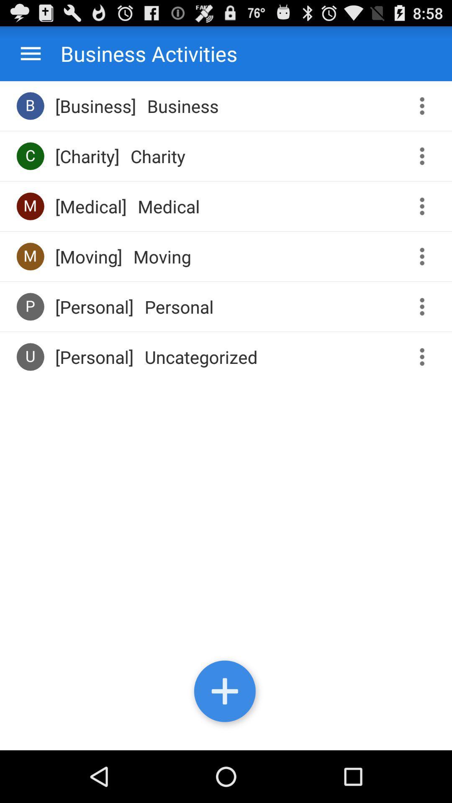  What do you see at coordinates (30, 53) in the screenshot?
I see `the menu icon at the top left corner of the page` at bounding box center [30, 53].